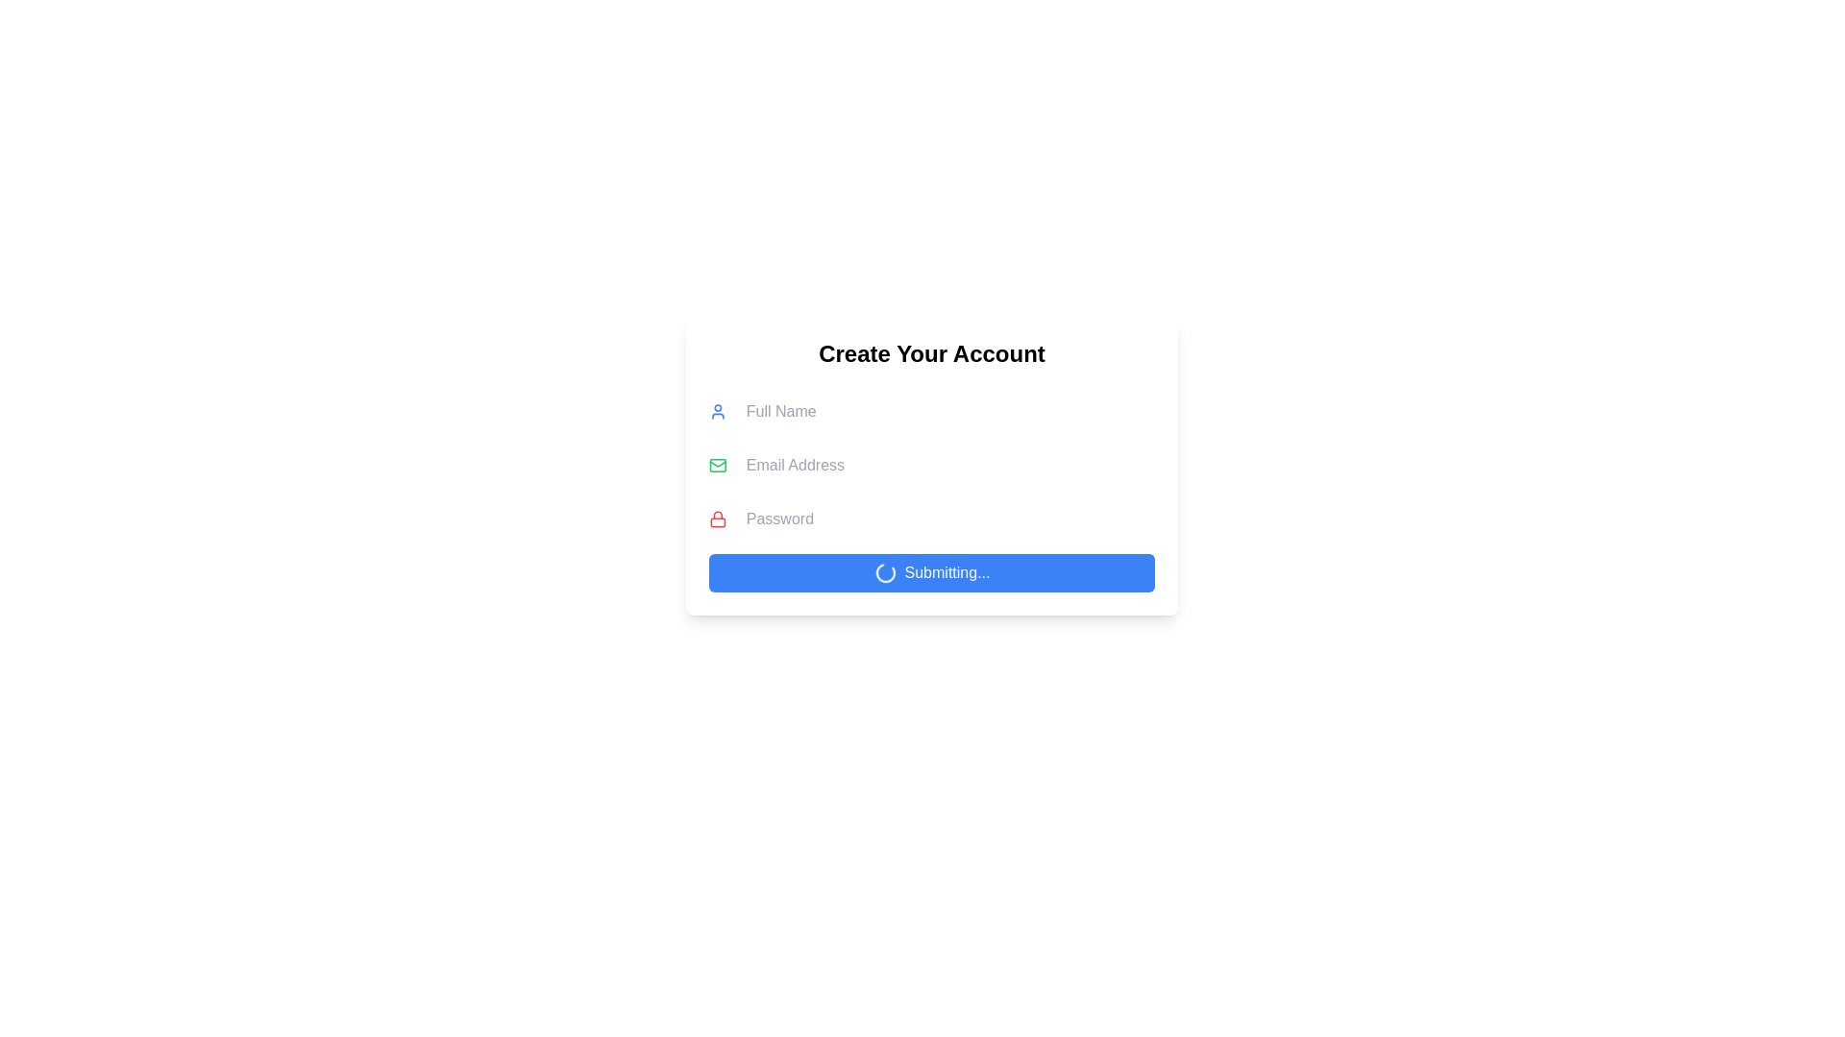  Describe the element at coordinates (884, 572) in the screenshot. I see `the small blue spinning loader icon that is located inside the 'Submitting...' button, centered vertically to the left of the text` at that location.